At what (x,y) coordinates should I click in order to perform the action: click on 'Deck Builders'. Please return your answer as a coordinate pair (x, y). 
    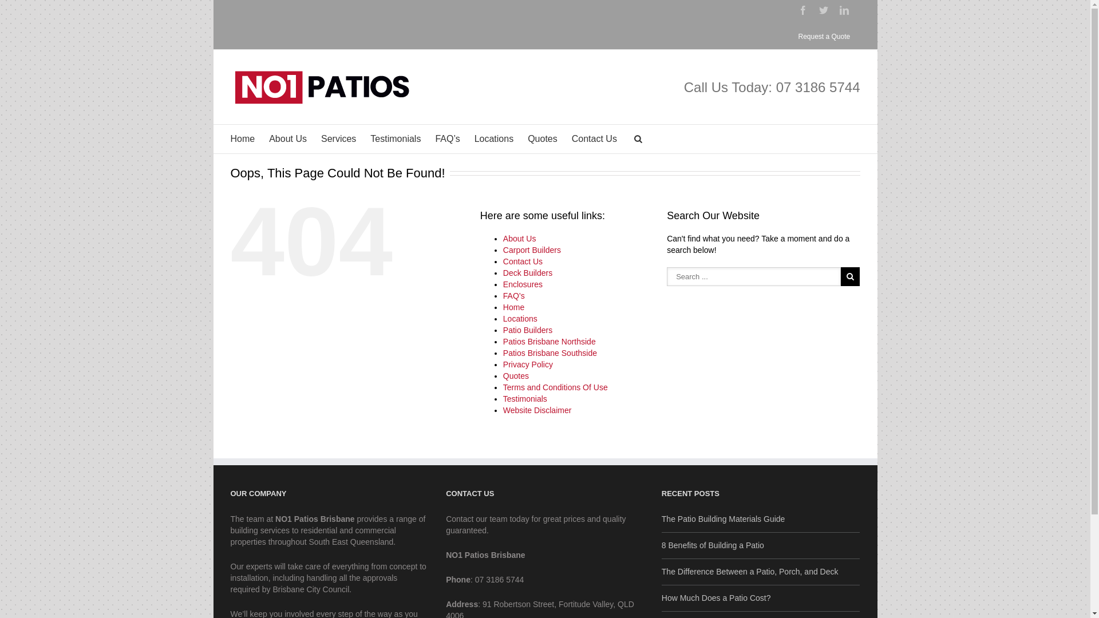
    Looking at the image, I should click on (527, 273).